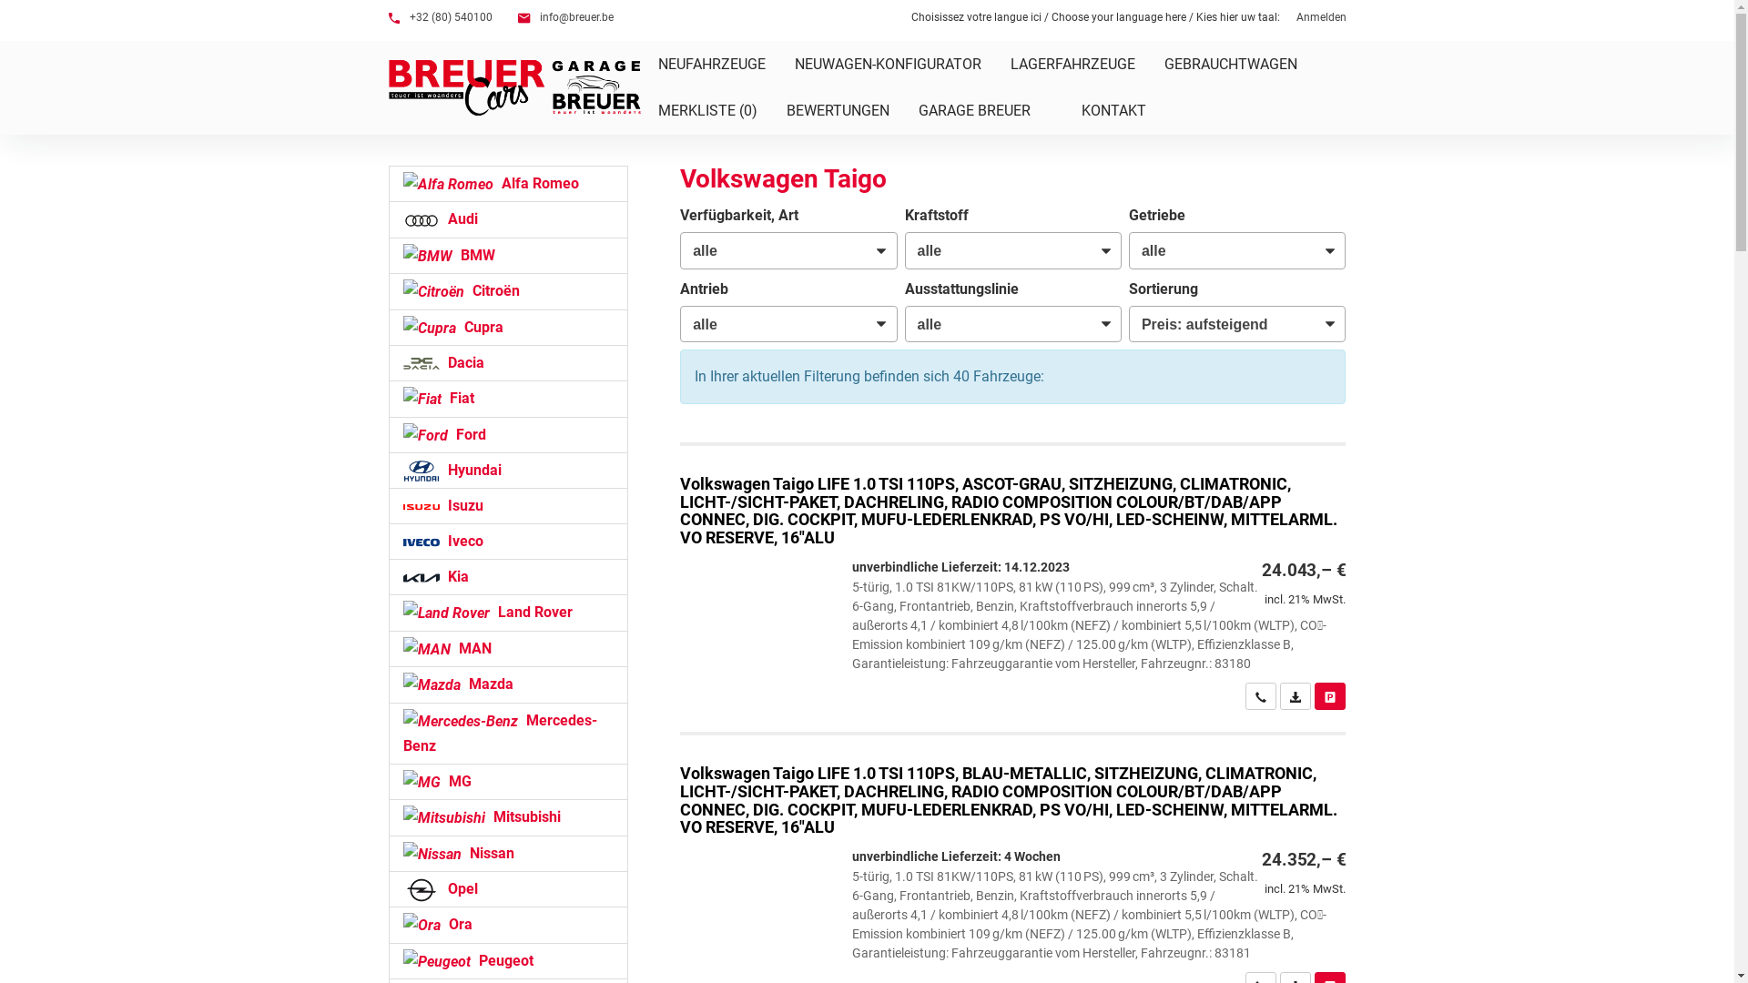 The height and width of the screenshot is (983, 1748). I want to click on '+32 (80) 540100', so click(387, 17).